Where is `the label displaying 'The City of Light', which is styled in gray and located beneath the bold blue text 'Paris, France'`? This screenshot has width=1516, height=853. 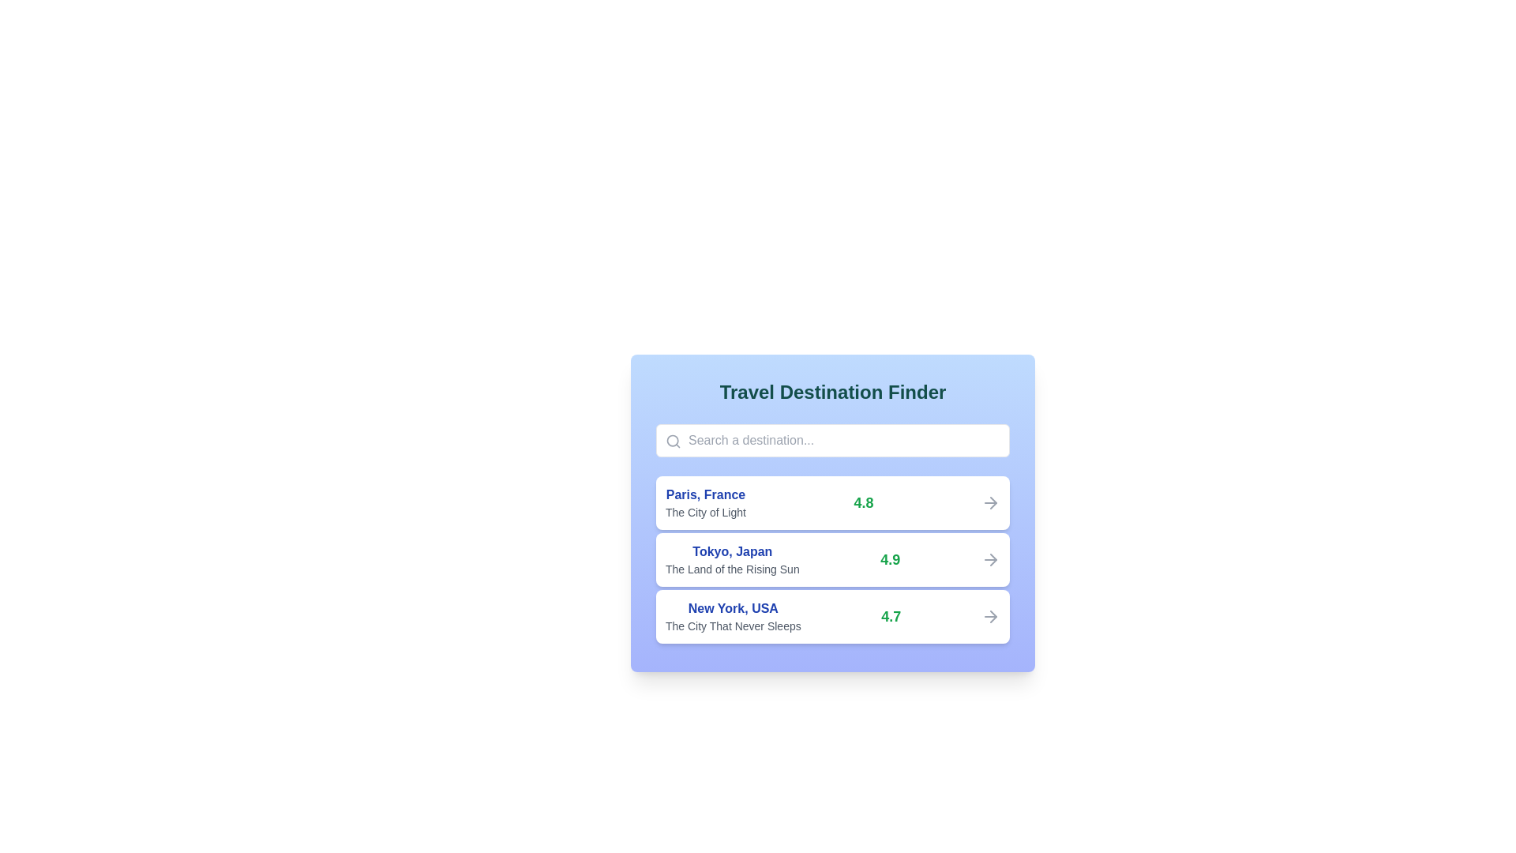 the label displaying 'The City of Light', which is styled in gray and located beneath the bold blue text 'Paris, France' is located at coordinates (704, 512).